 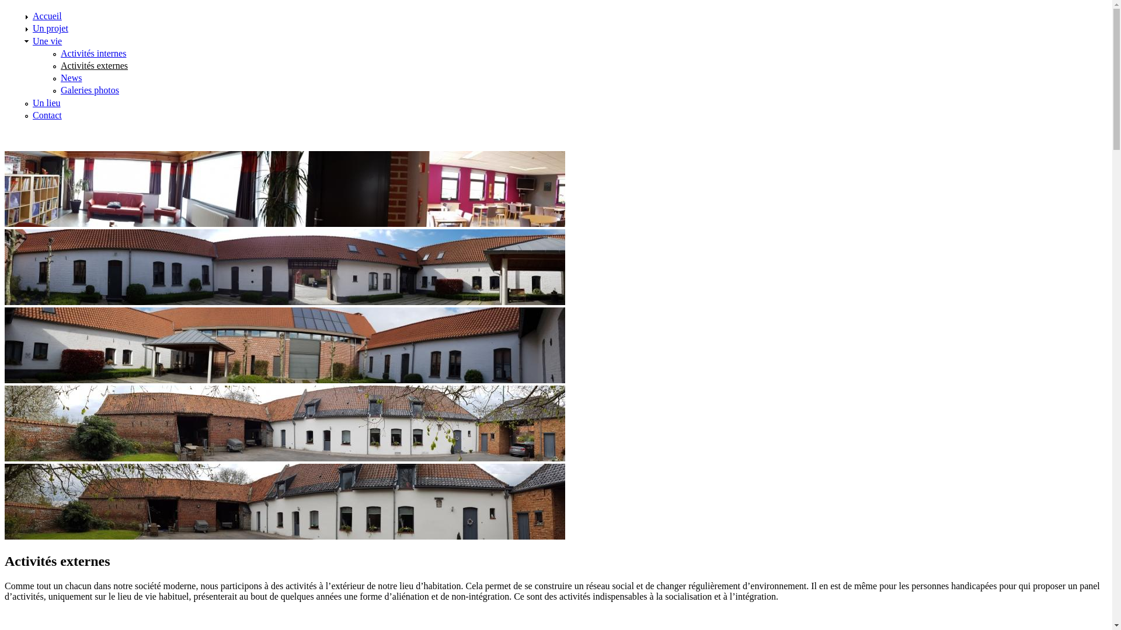 I want to click on 'Galeries photos', so click(x=89, y=89).